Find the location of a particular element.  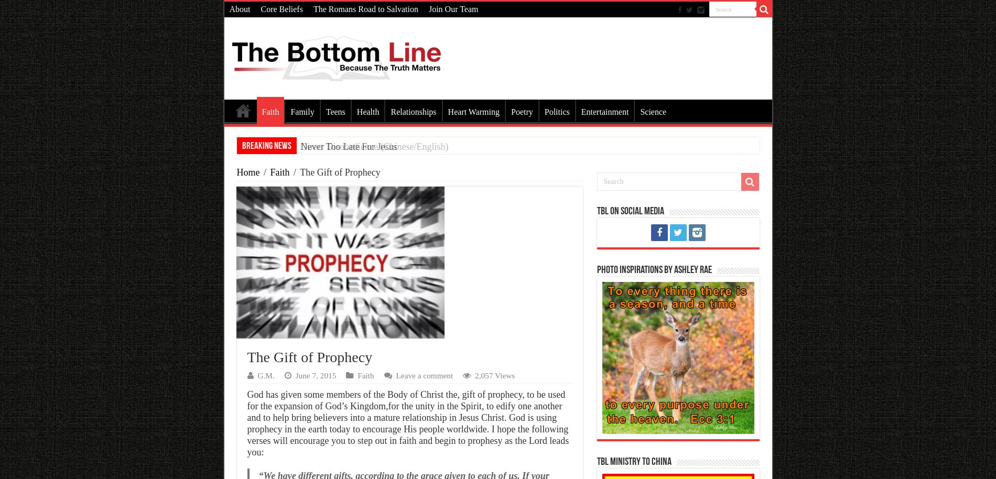

'Photo Inspirations by Ashley Rae' is located at coordinates (596, 270).